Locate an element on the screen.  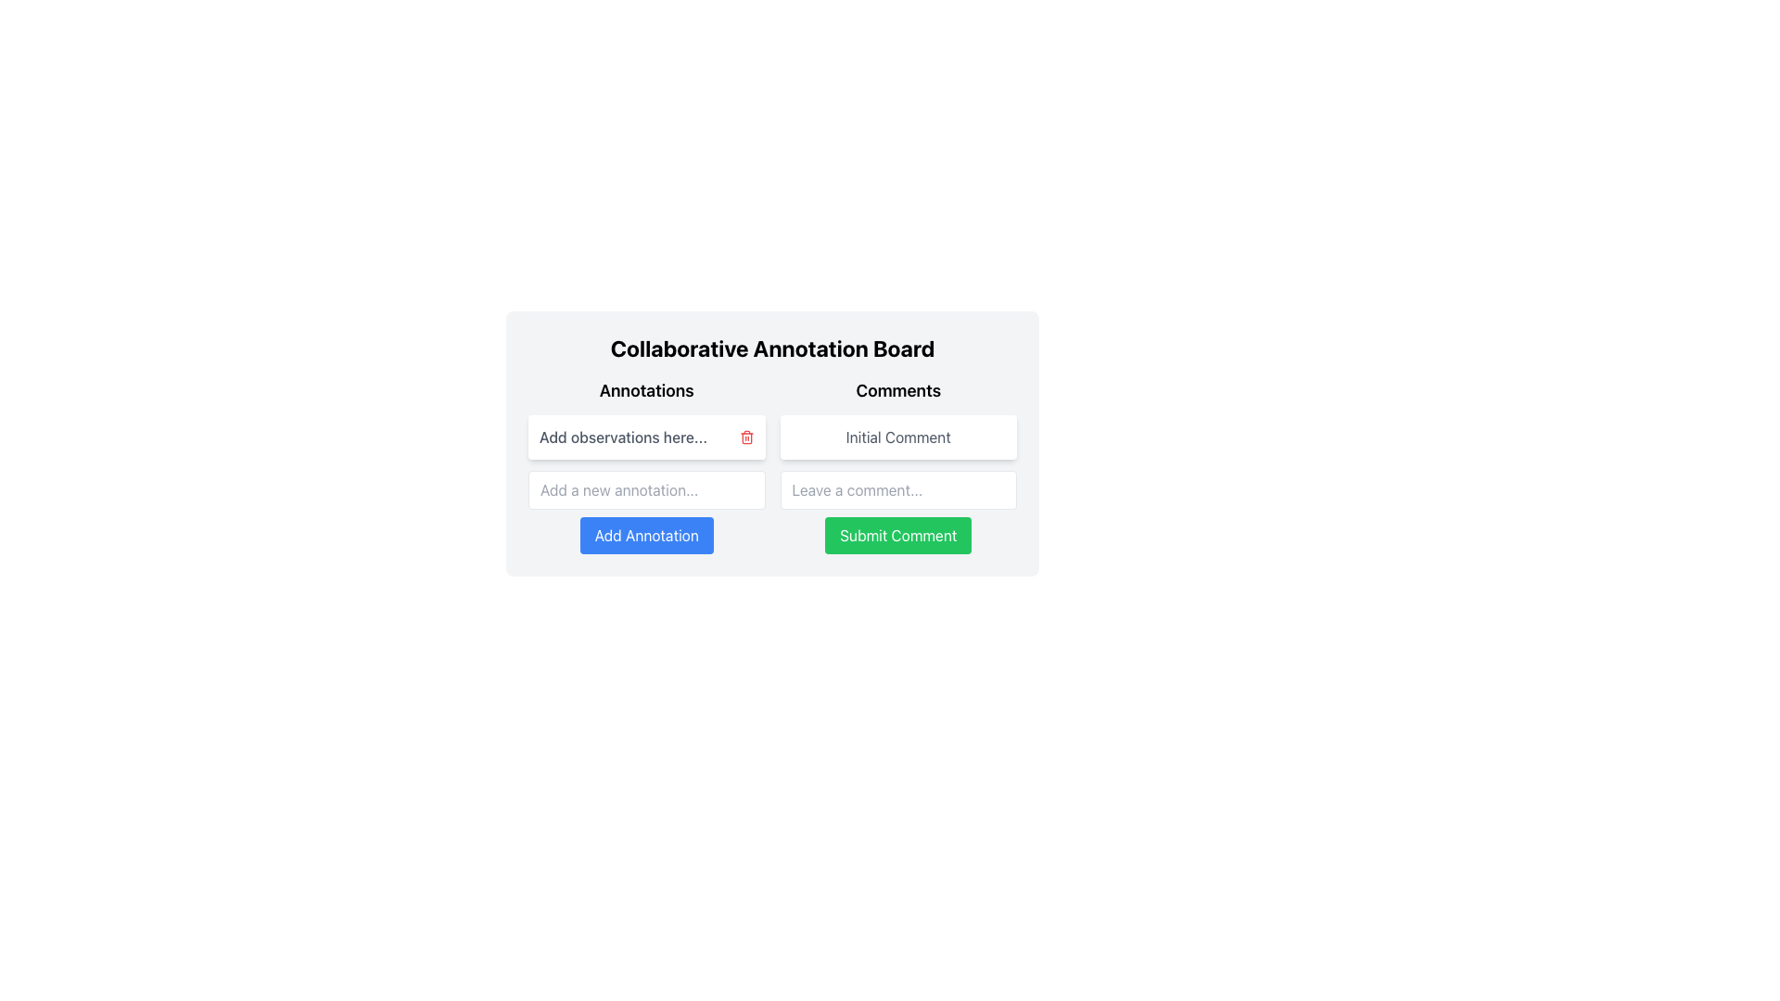
the red trash-can icon located to the right of the 'Add observations here...' text to initiate a delete action is located at coordinates (746, 437).